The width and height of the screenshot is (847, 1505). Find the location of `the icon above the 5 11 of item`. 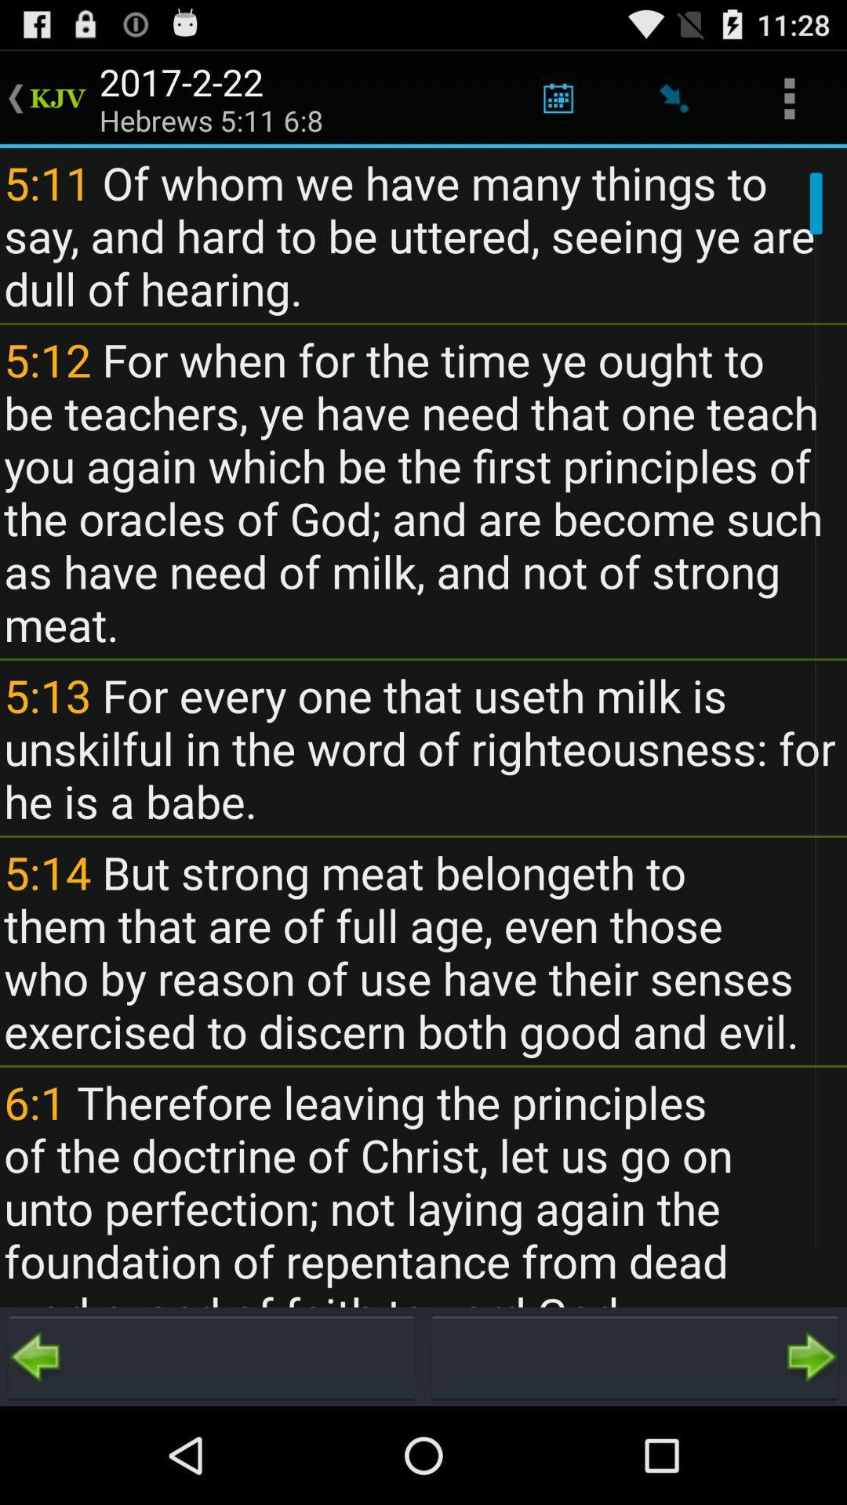

the icon above the 5 11 of item is located at coordinates (789, 97).